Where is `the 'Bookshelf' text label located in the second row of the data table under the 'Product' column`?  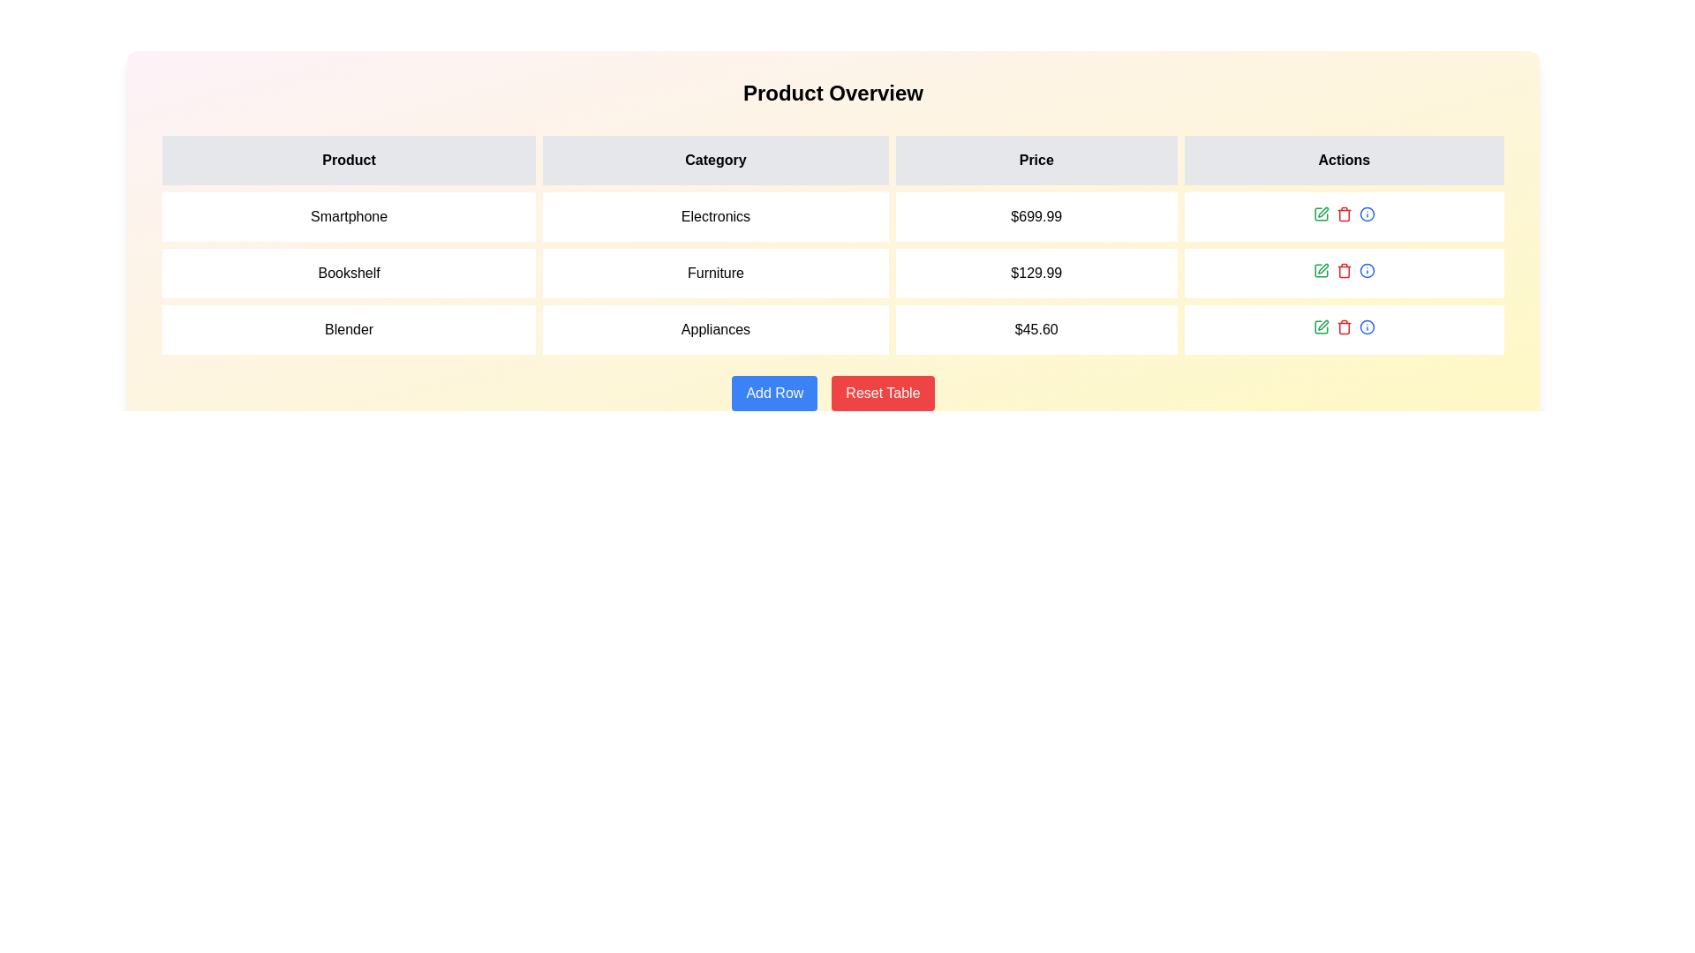
the 'Bookshelf' text label located in the second row of the data table under the 'Product' column is located at coordinates (349, 273).